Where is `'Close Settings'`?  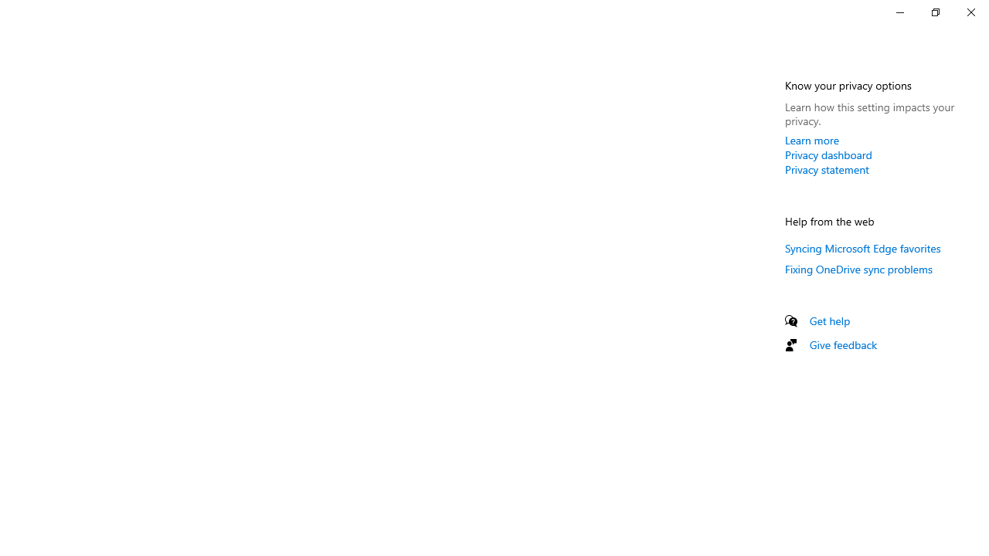
'Close Settings' is located at coordinates (970, 12).